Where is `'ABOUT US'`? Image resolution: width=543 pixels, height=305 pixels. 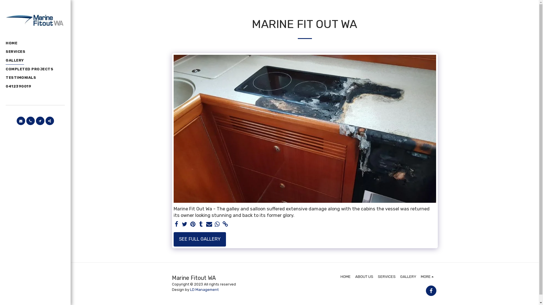
'ABOUT US' is located at coordinates (364, 276).